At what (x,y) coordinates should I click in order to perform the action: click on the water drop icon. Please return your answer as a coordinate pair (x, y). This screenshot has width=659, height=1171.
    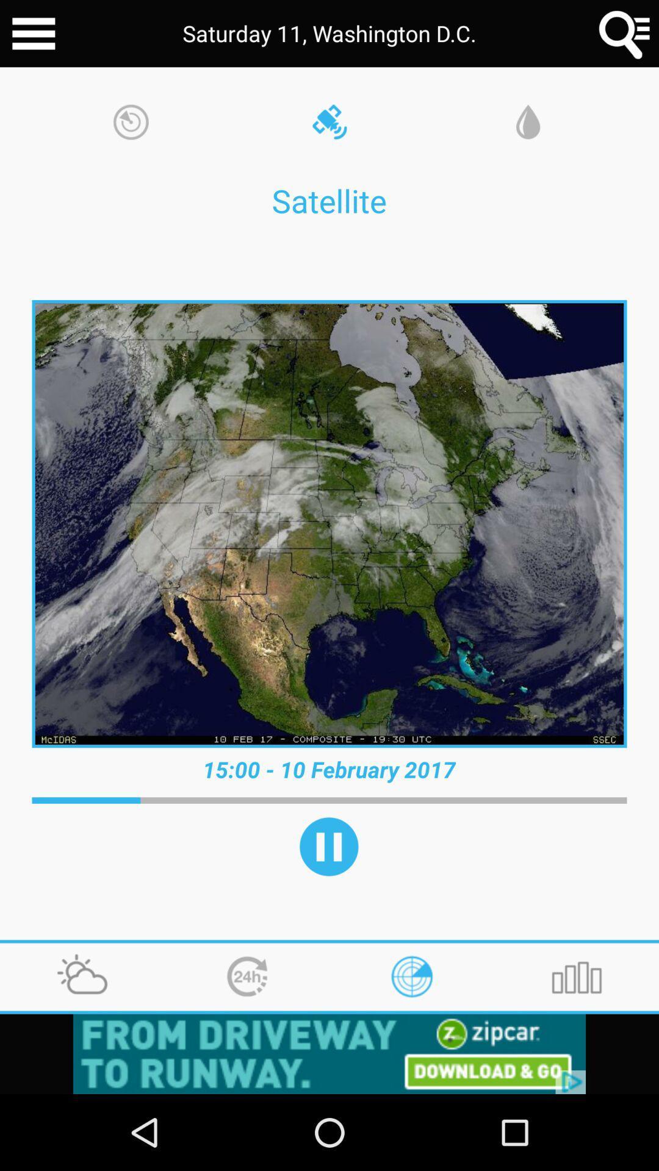
    Looking at the image, I should click on (527, 123).